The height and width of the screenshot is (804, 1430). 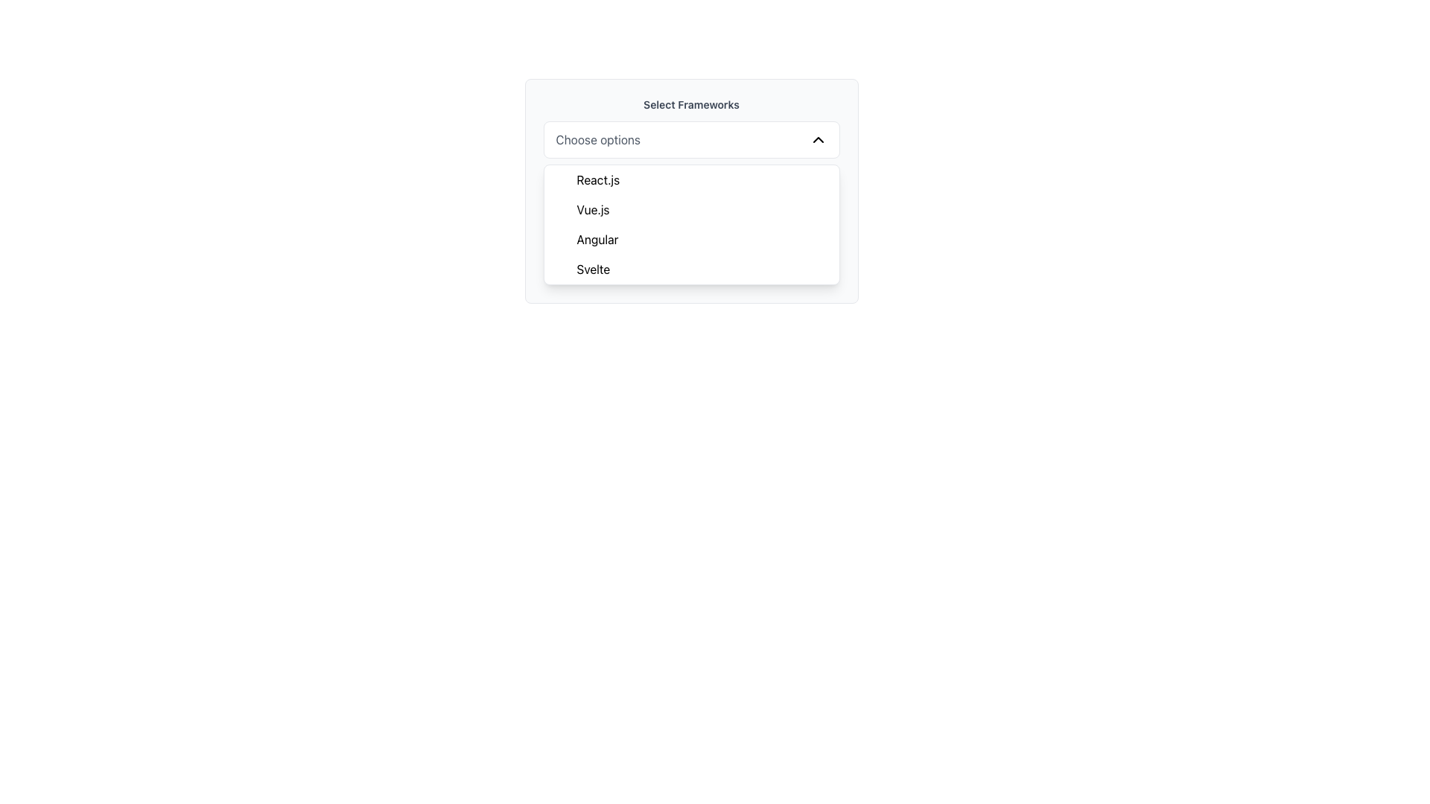 I want to click on the selectable option 'Vue.js' in the dropdown menu, which is the second item below 'React.js', so click(x=690, y=209).